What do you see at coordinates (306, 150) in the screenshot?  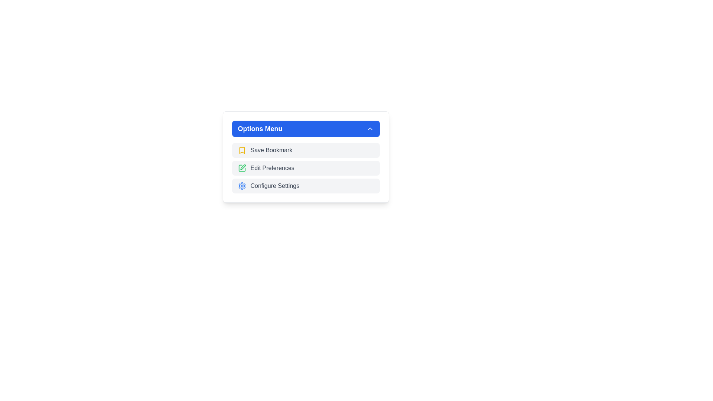 I see `the 'Save Bookmark' button located within the 'Options Menu' to change its background color` at bounding box center [306, 150].